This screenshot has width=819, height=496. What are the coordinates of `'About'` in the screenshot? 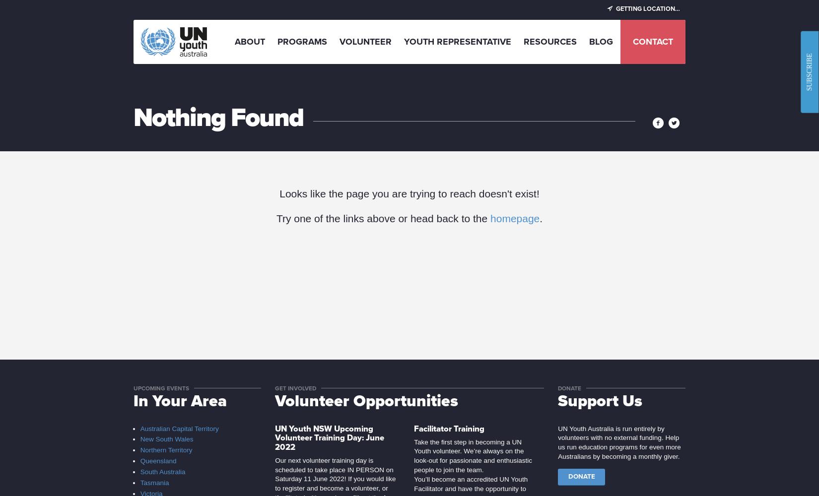 It's located at (234, 41).